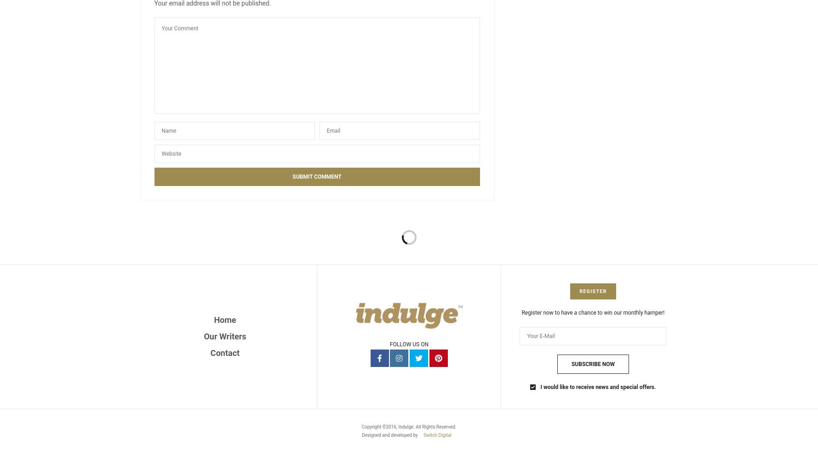 Image resolution: width=818 pixels, height=457 pixels. Describe the element at coordinates (408, 426) in the screenshot. I see `'Copyright ©2016, Indulge. All Rights Reserved.'` at that location.